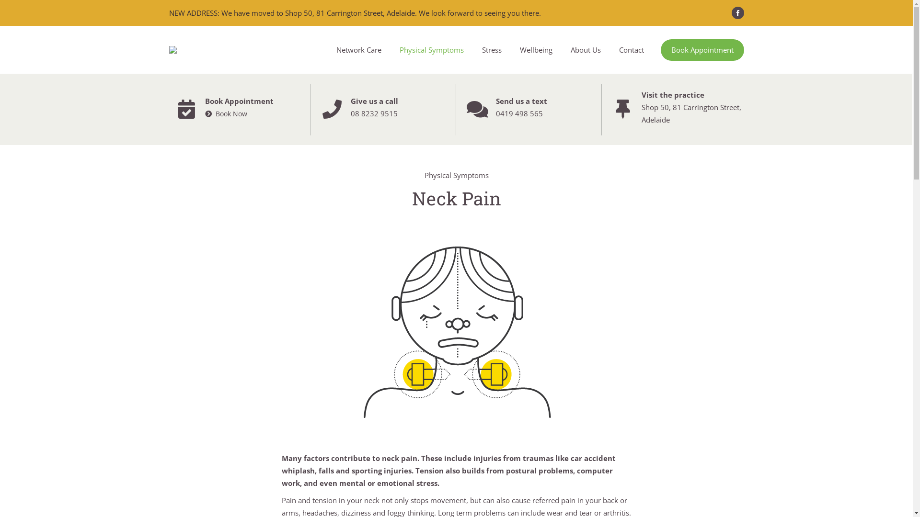 The image size is (920, 517). Describe the element at coordinates (631, 49) in the screenshot. I see `'Contact'` at that location.